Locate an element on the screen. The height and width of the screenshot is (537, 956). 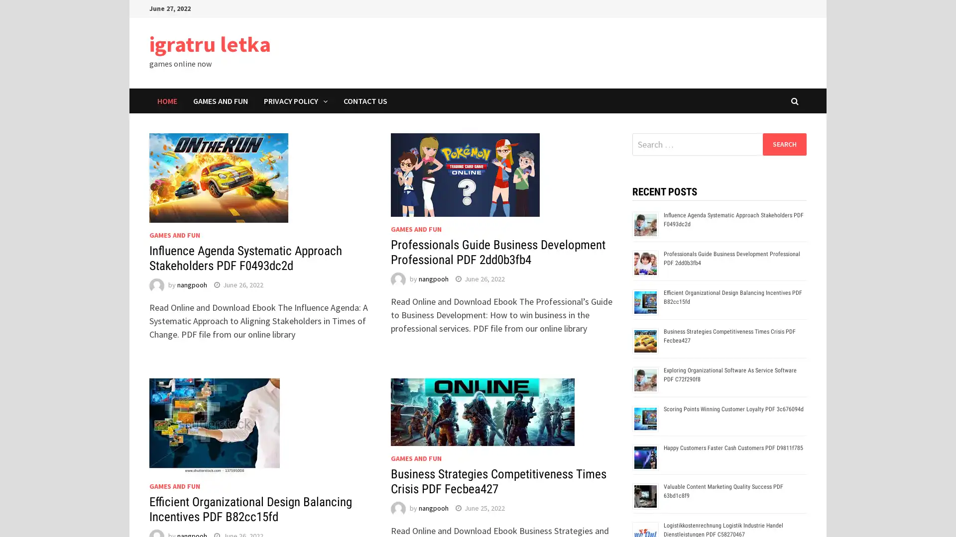
Search is located at coordinates (784, 144).